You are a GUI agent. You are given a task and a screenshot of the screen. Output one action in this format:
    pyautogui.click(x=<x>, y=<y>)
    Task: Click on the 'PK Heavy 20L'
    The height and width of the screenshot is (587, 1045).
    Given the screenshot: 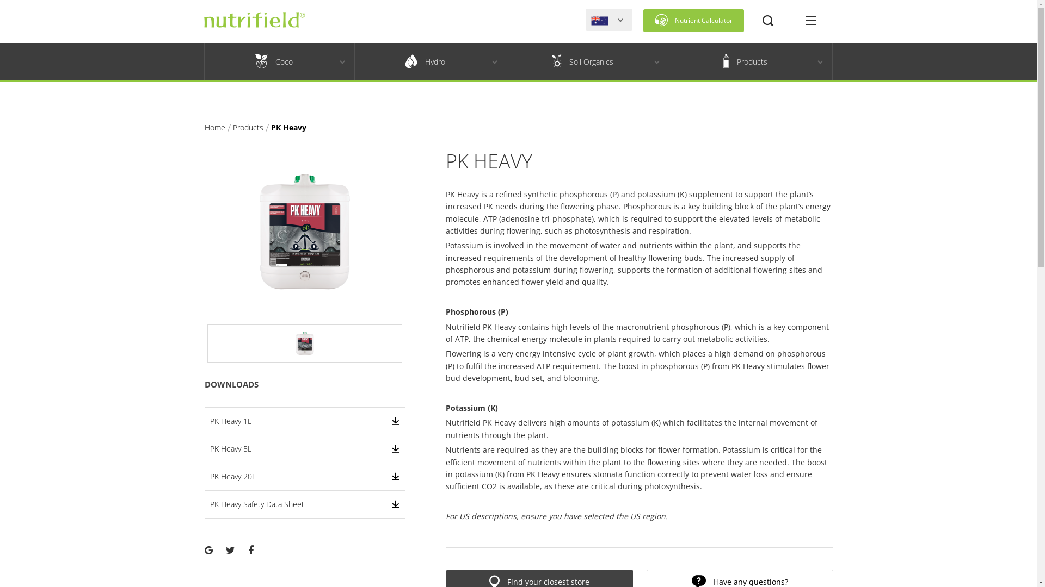 What is the action you would take?
    pyautogui.click(x=305, y=476)
    